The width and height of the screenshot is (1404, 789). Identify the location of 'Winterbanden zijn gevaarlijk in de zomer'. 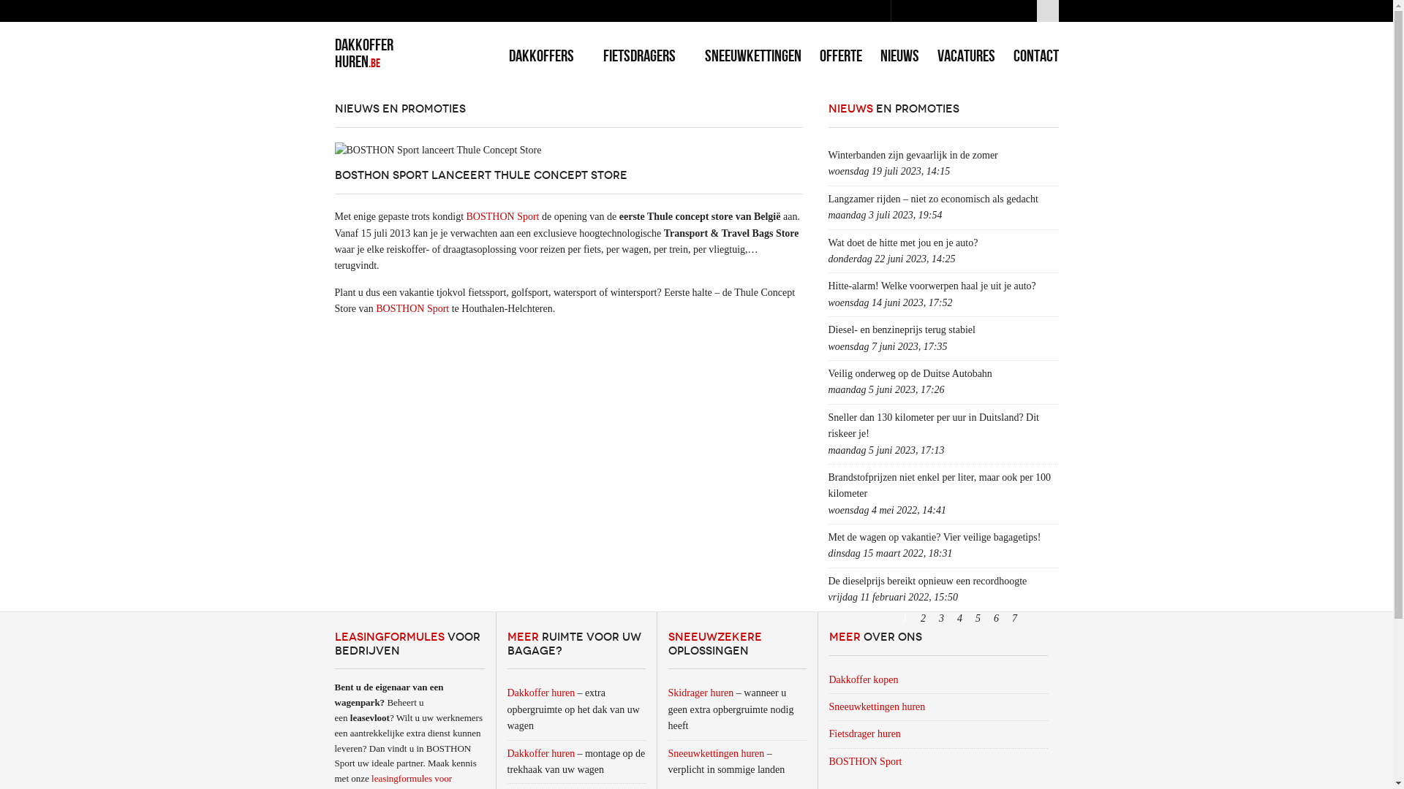
(912, 155).